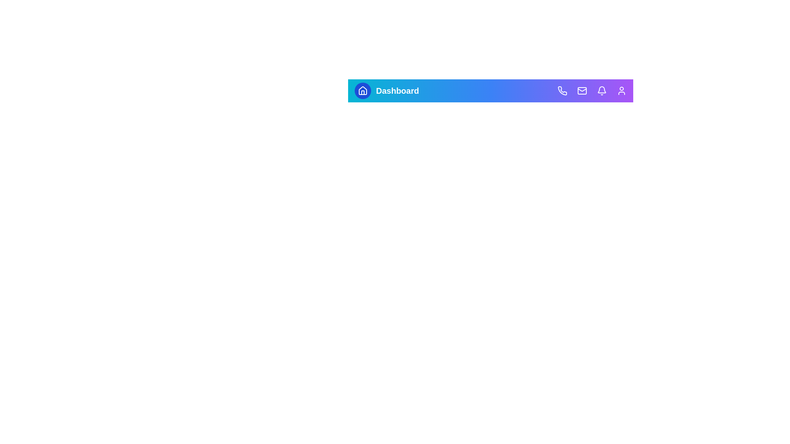  What do you see at coordinates (362, 90) in the screenshot?
I see `the 'Home' icon to navigate to the home page` at bounding box center [362, 90].